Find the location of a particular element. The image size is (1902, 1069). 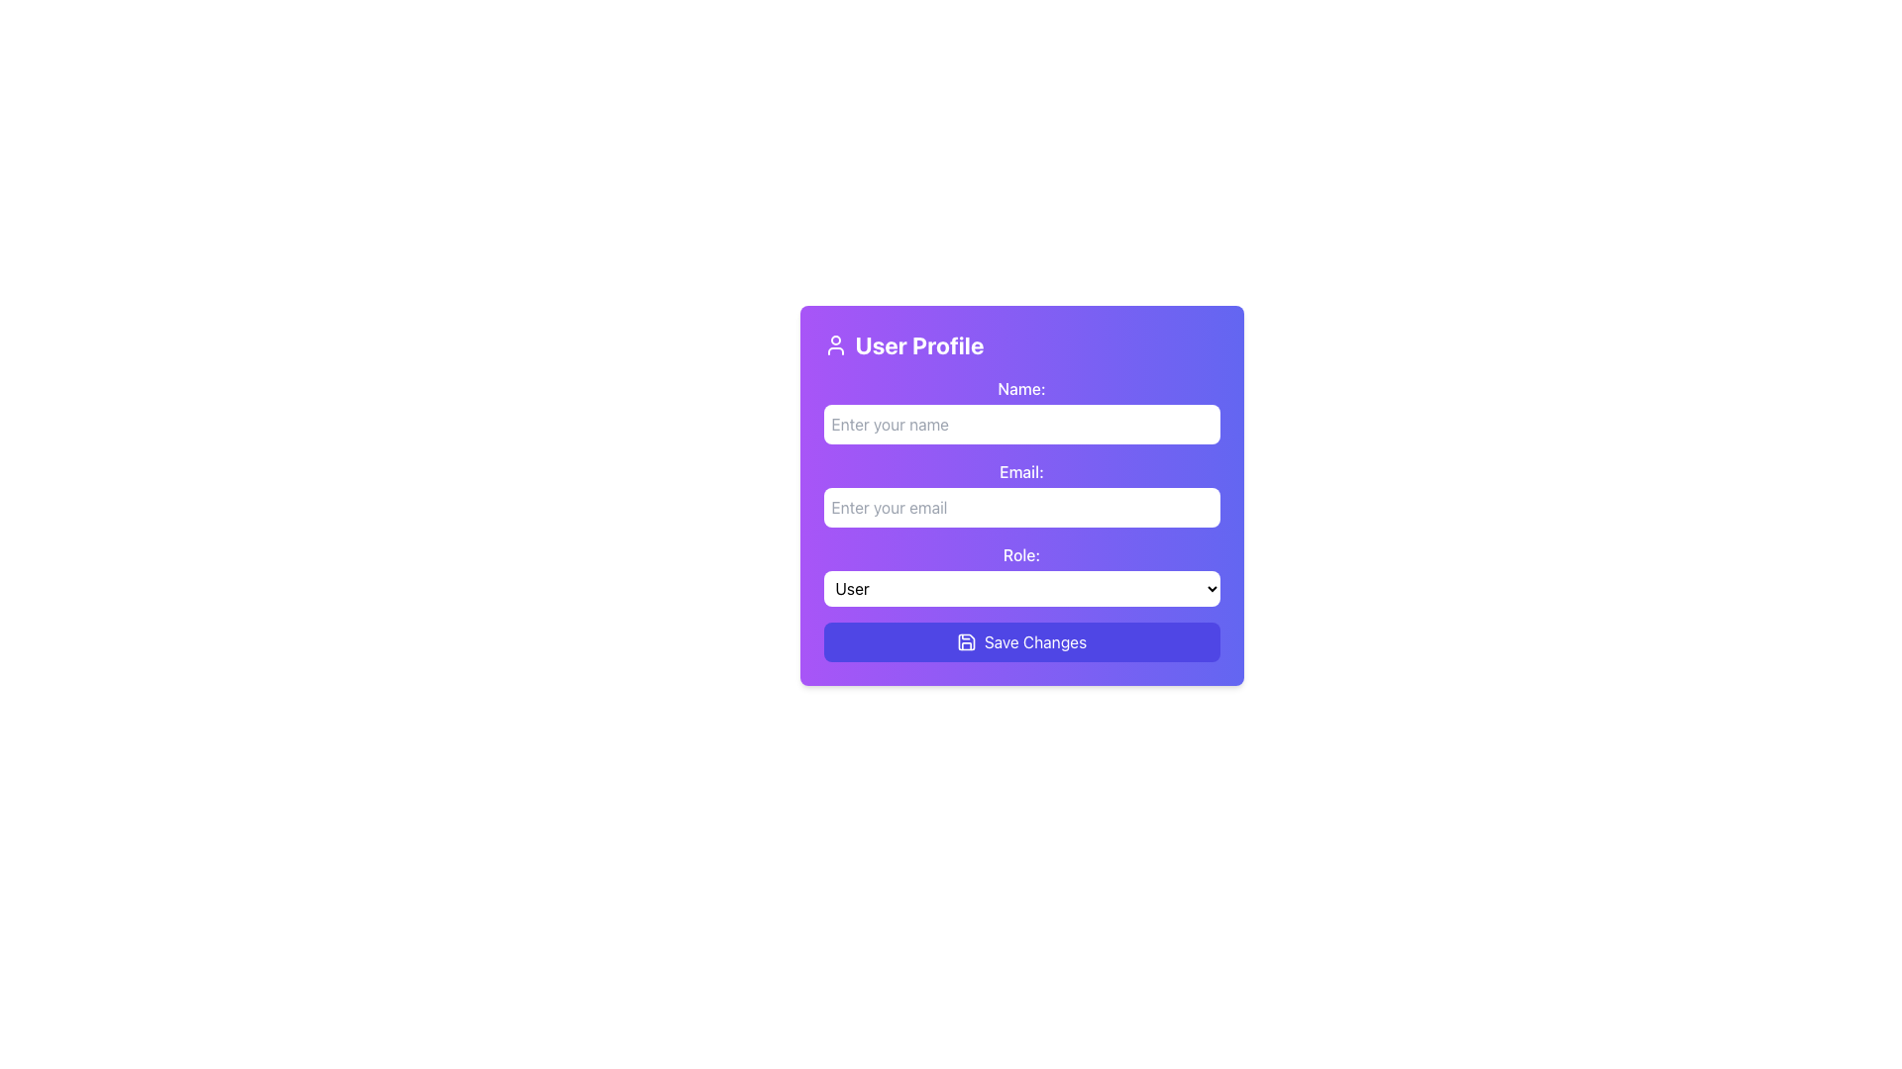

the submit button at the bottom of the form is located at coordinates (1021, 641).